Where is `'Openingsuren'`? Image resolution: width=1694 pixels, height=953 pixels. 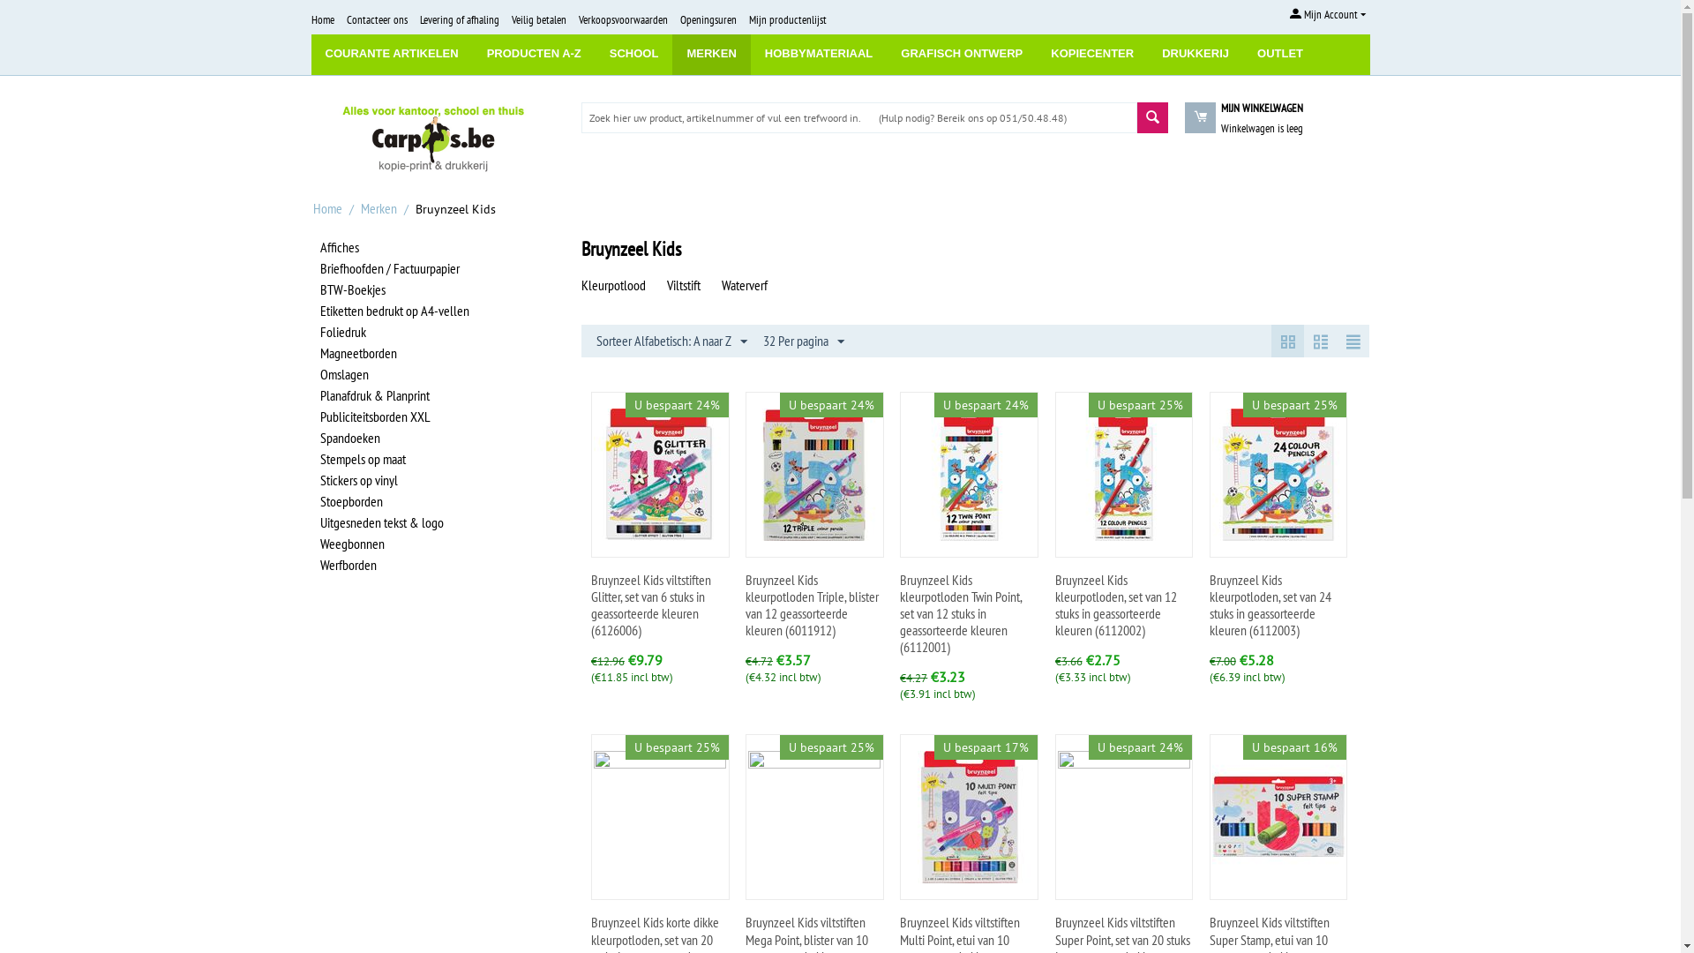 'Openingsuren' is located at coordinates (707, 19).